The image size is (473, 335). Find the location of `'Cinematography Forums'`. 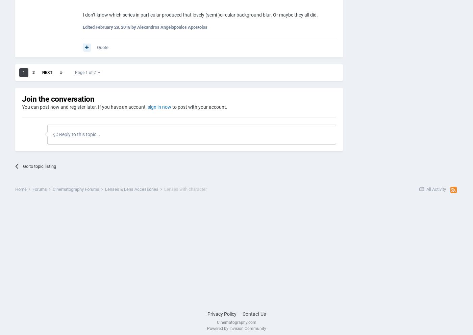

'Cinematography Forums' is located at coordinates (76, 189).